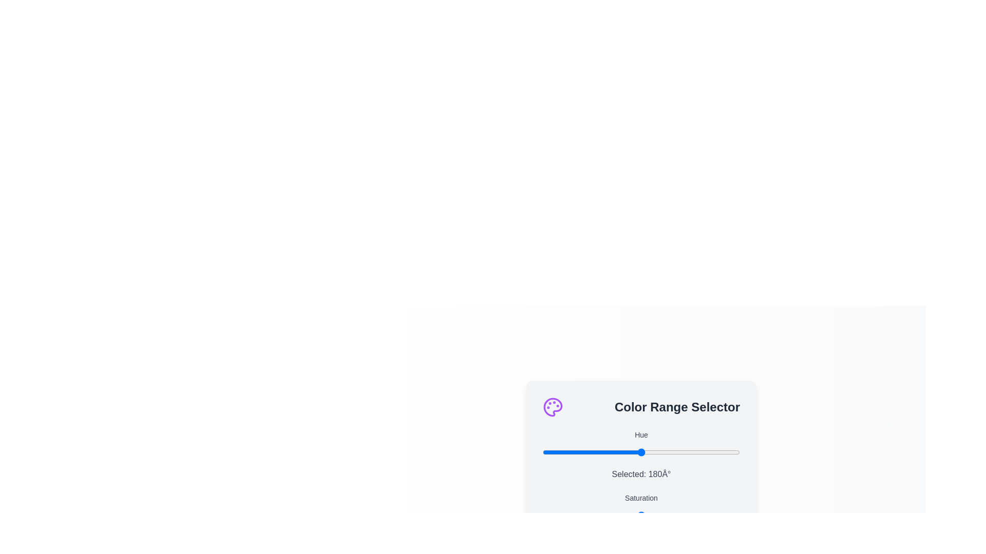 This screenshot has width=986, height=554. I want to click on the hue value on the slider, so click(633, 451).